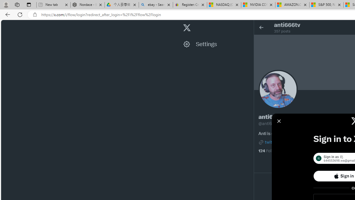  What do you see at coordinates (35, 14) in the screenshot?
I see `'View site information'` at bounding box center [35, 14].